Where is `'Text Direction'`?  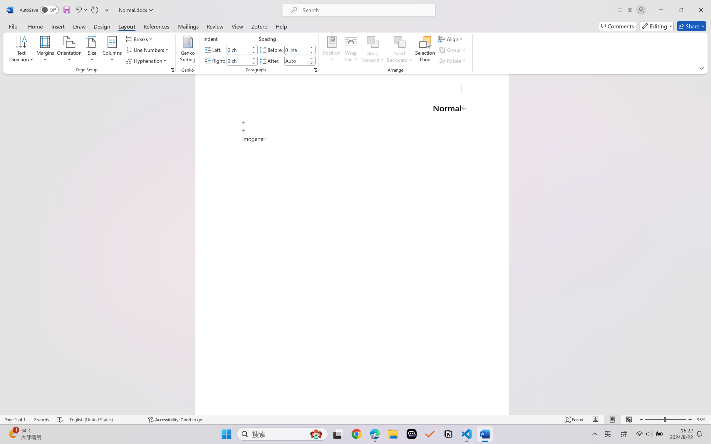 'Text Direction' is located at coordinates (21, 50).